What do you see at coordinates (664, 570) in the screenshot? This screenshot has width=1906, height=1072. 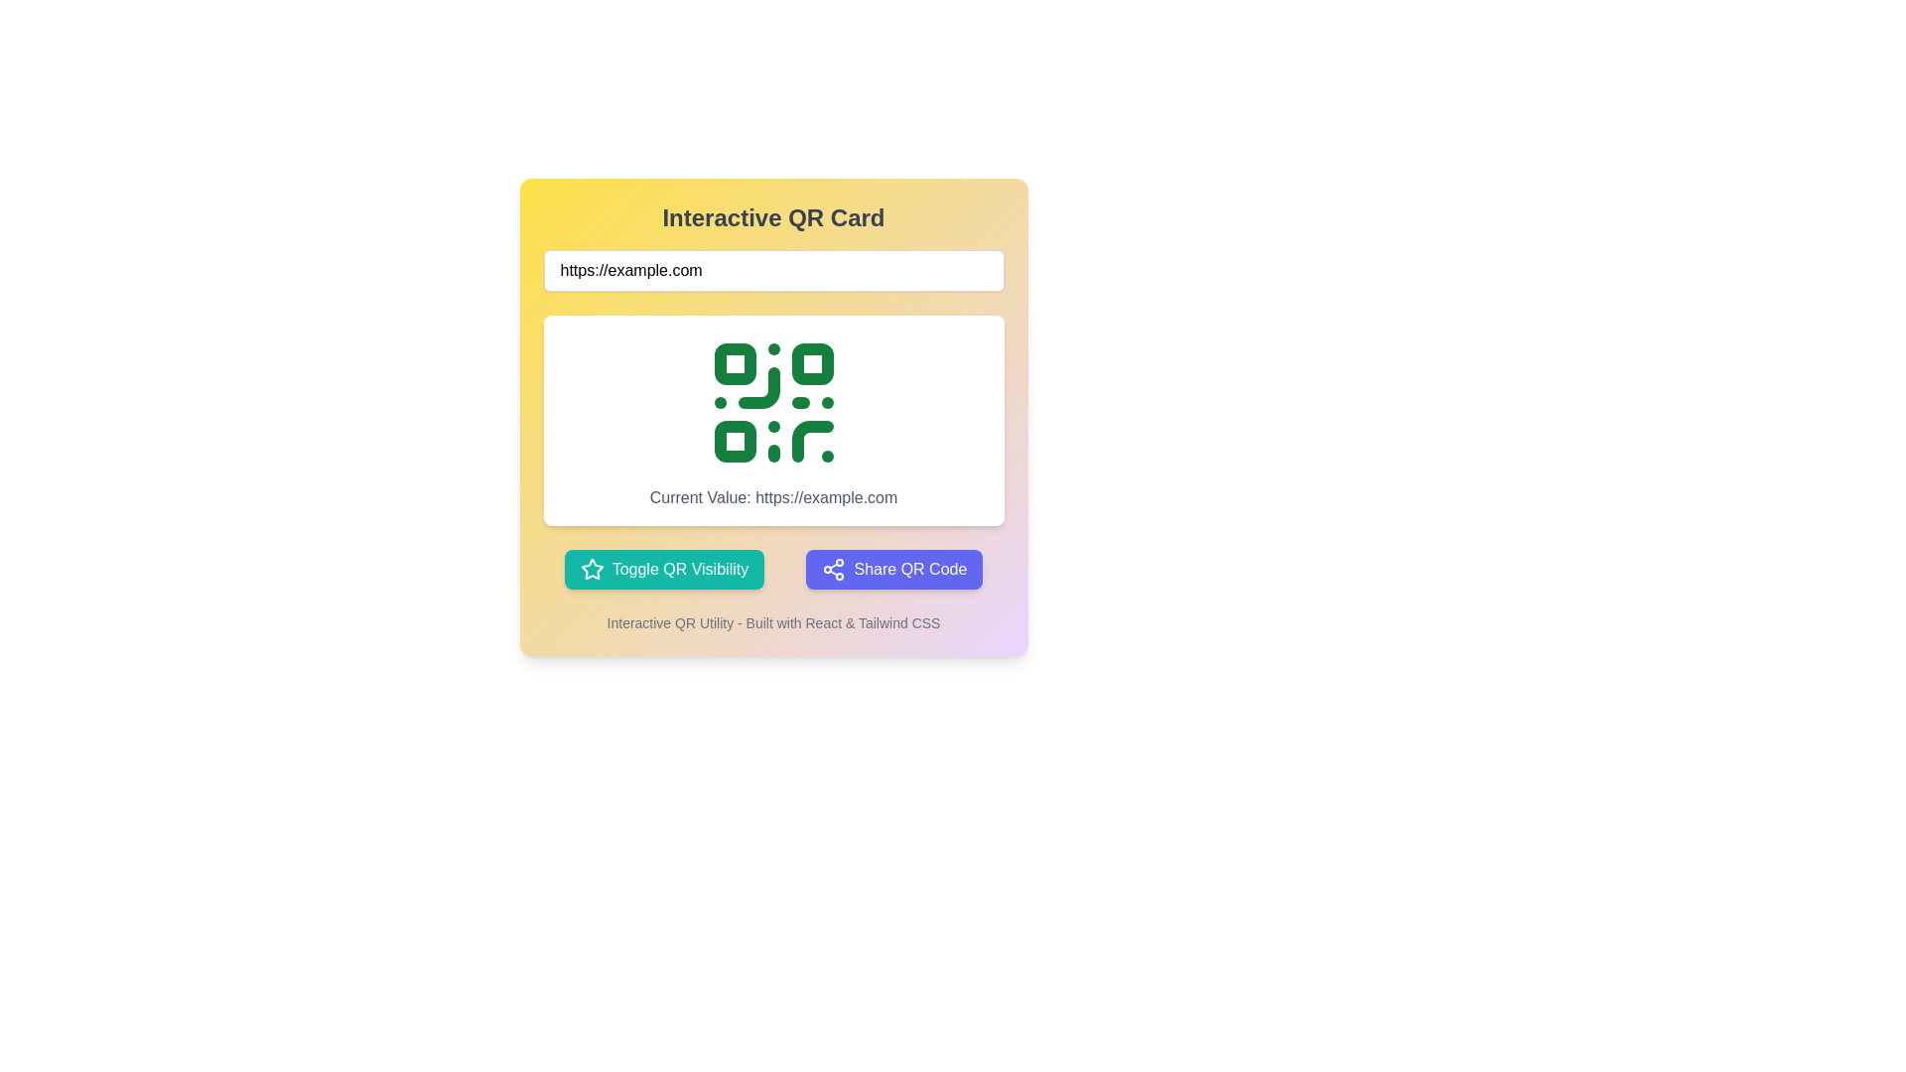 I see `the first button on the left with a teal background and white text, which is styled with rounded corners and a star icon` at bounding box center [664, 570].